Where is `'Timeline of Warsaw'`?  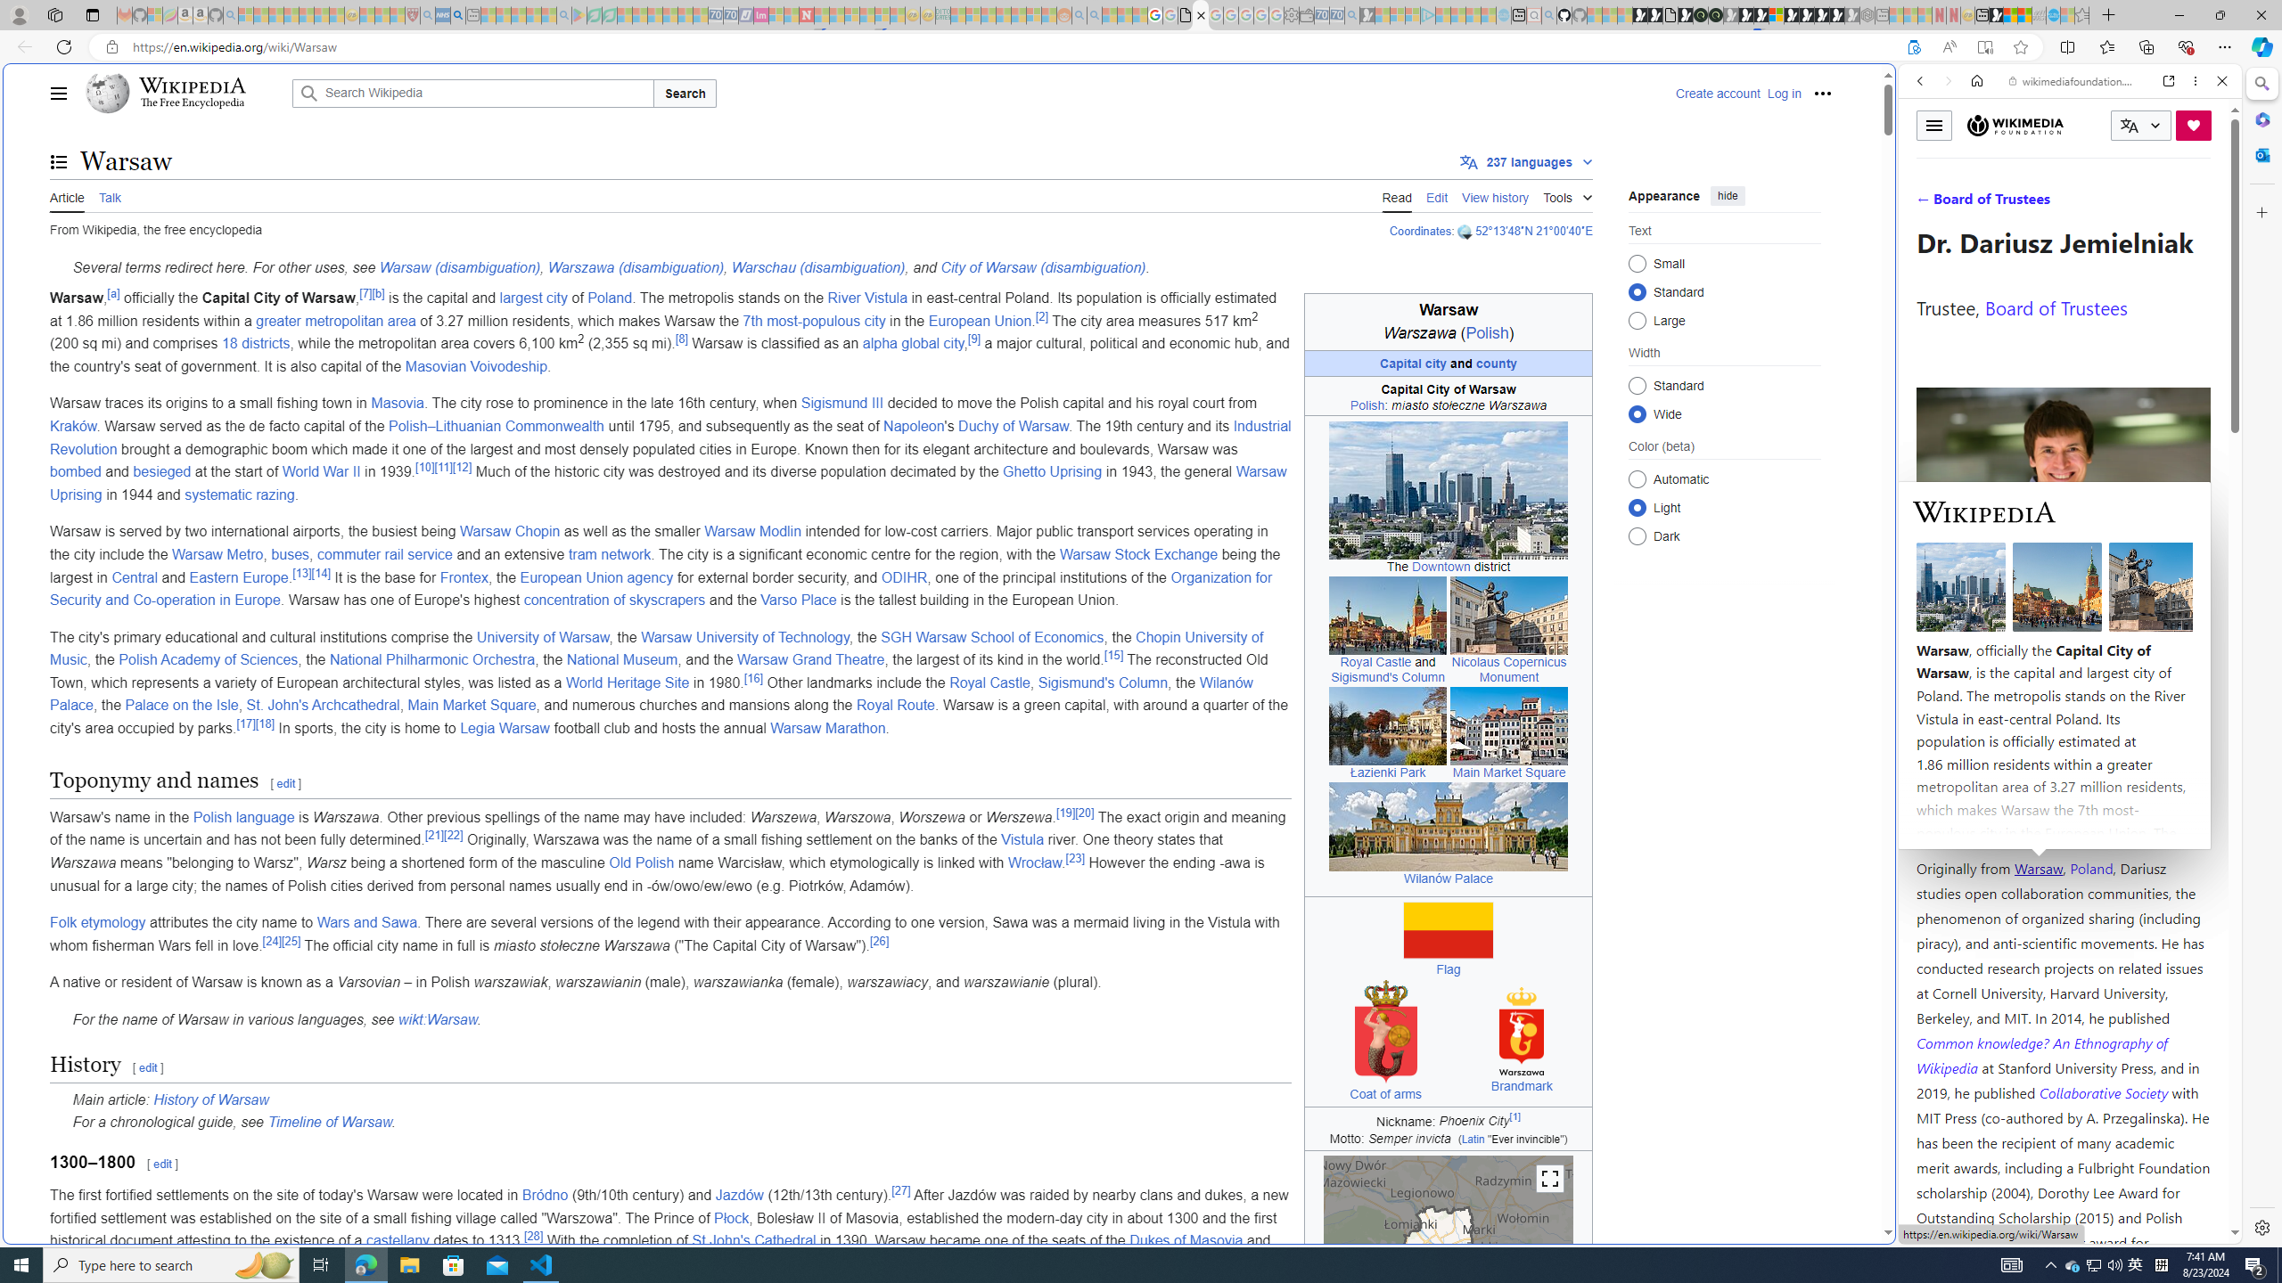 'Timeline of Warsaw' is located at coordinates (328, 1123).